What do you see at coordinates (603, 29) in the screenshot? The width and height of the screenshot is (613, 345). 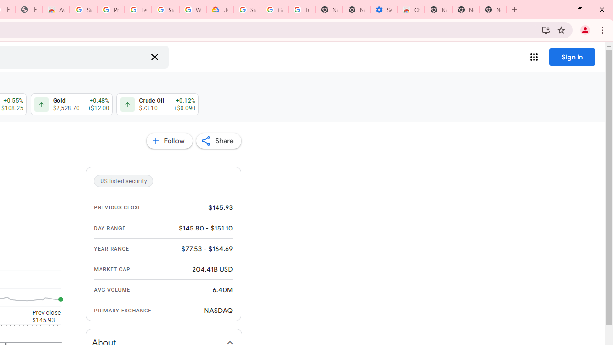 I see `'Chrome'` at bounding box center [603, 29].